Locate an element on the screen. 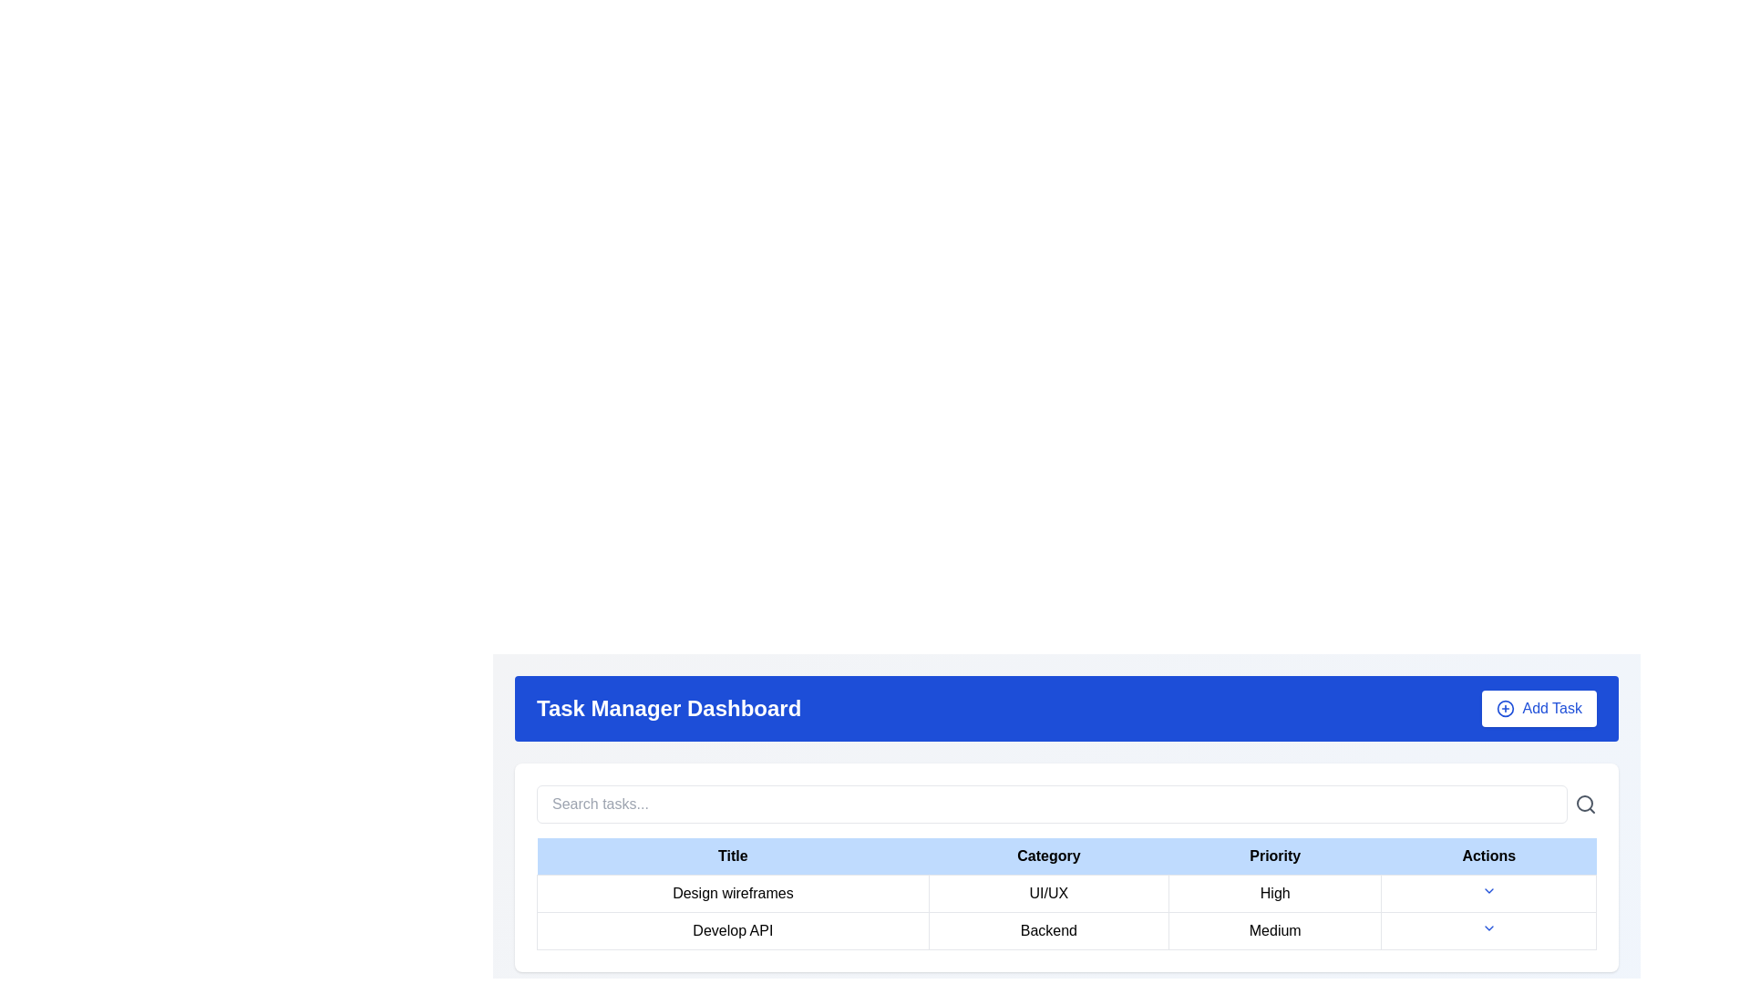 The height and width of the screenshot is (984, 1750). the interactive blue downward-pointing chevron icon in the table cell under the 'Actions' column for the 'Design wireframes' row is located at coordinates (1488, 892).